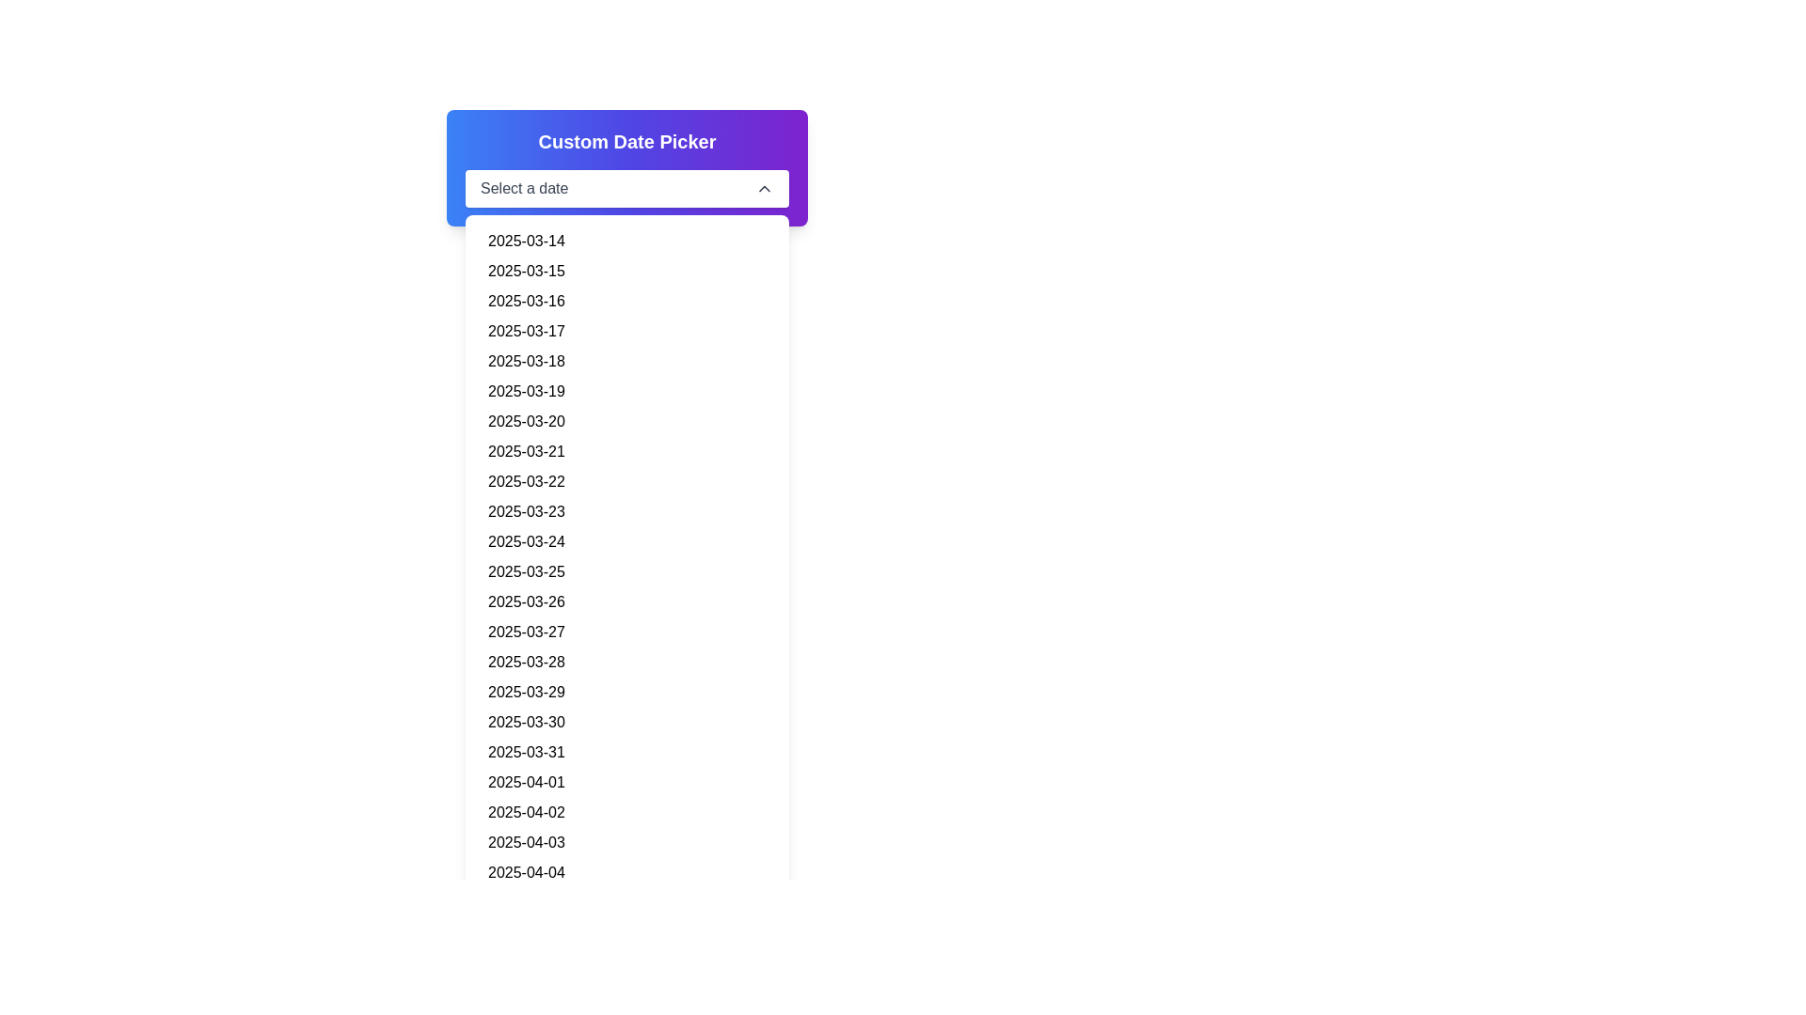 This screenshot has height=1015, width=1806. Describe the element at coordinates (627, 452) in the screenshot. I see `the 8th selectable date in the dropdown menu` at that location.